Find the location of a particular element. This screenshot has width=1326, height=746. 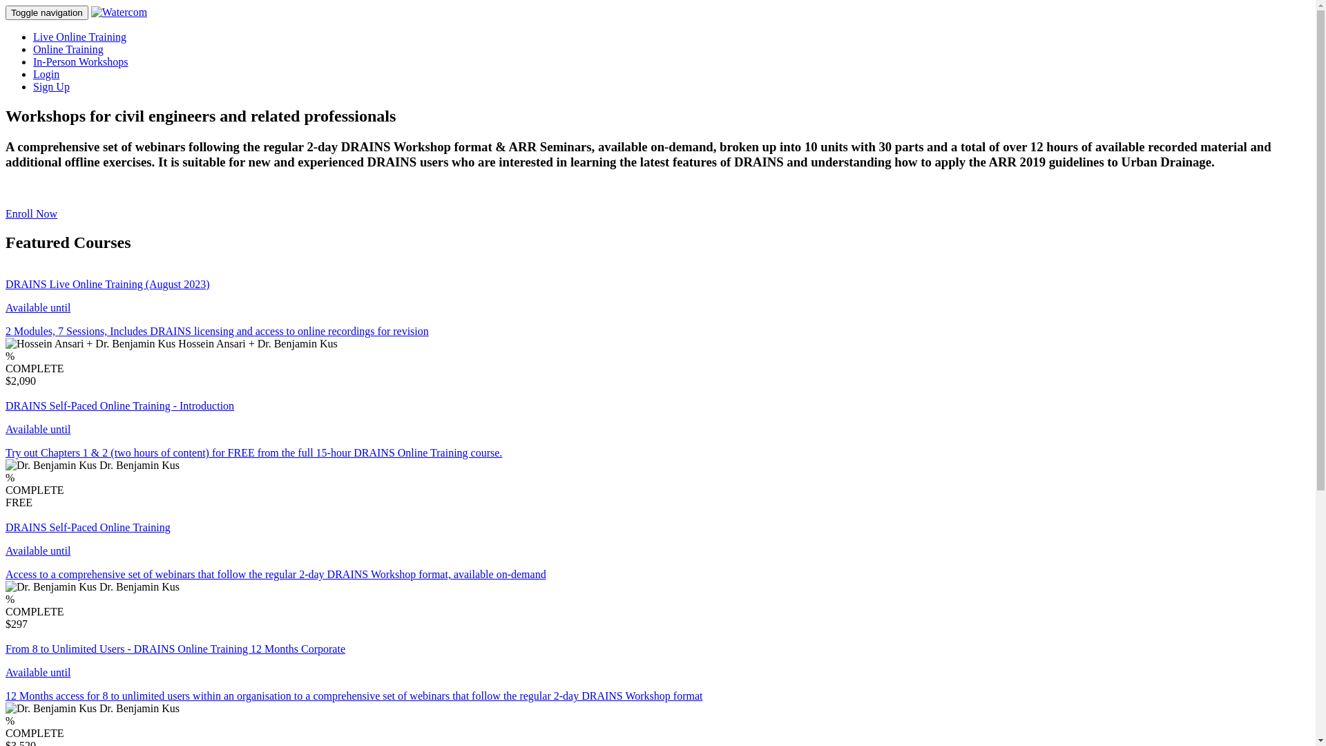

'Enroll Now' is located at coordinates (6, 213).